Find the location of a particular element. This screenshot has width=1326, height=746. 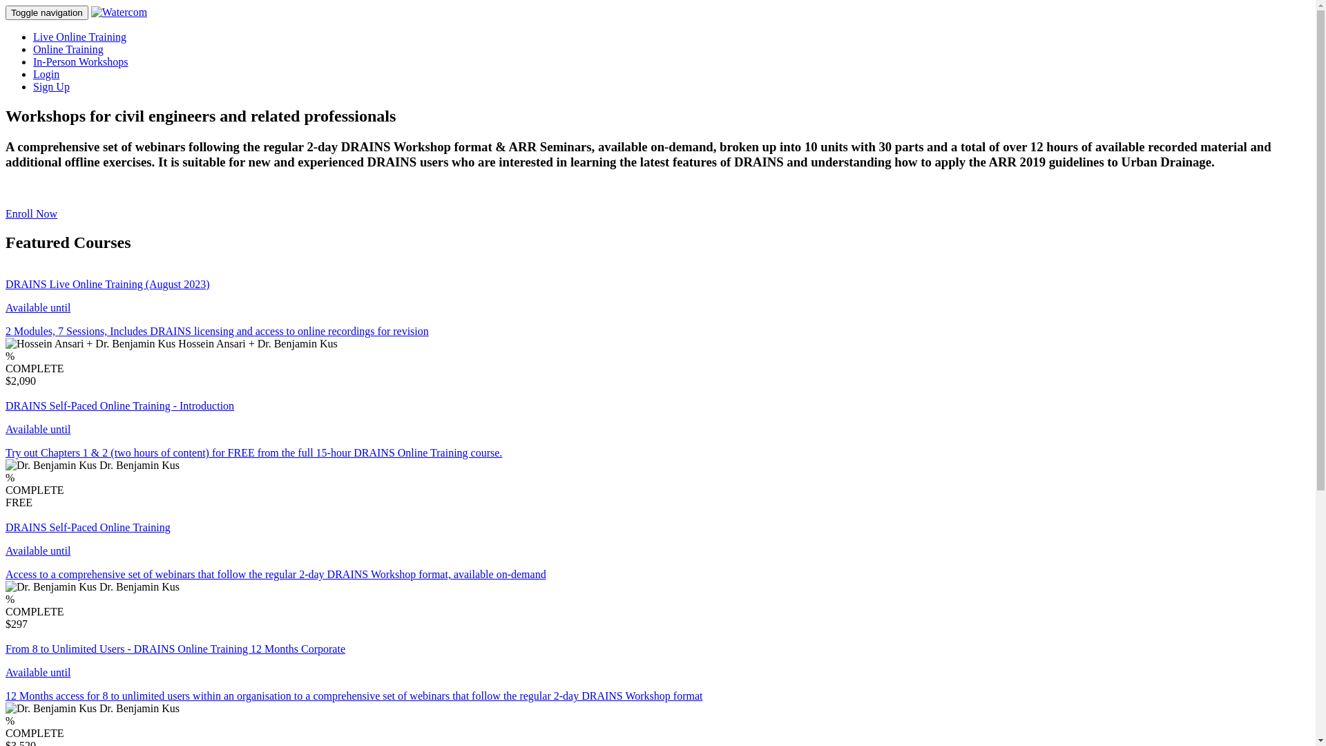

'Enroll Now' is located at coordinates (6, 213).